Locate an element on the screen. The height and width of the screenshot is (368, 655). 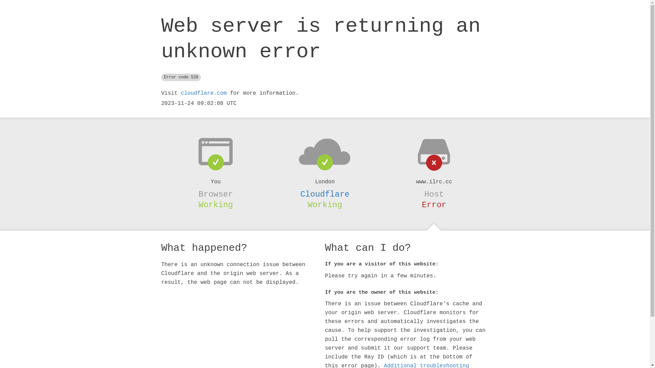
'cloudflare.com' is located at coordinates (203, 93).